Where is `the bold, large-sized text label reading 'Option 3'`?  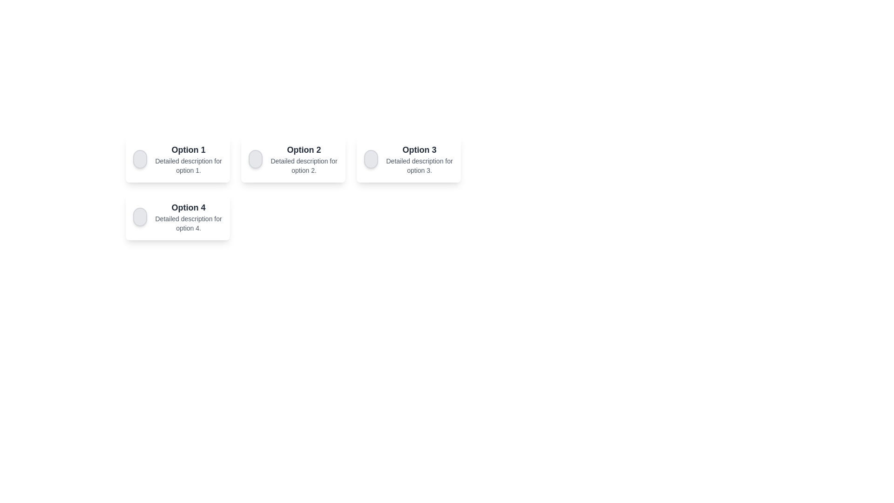
the bold, large-sized text label reading 'Option 3' is located at coordinates (419, 149).